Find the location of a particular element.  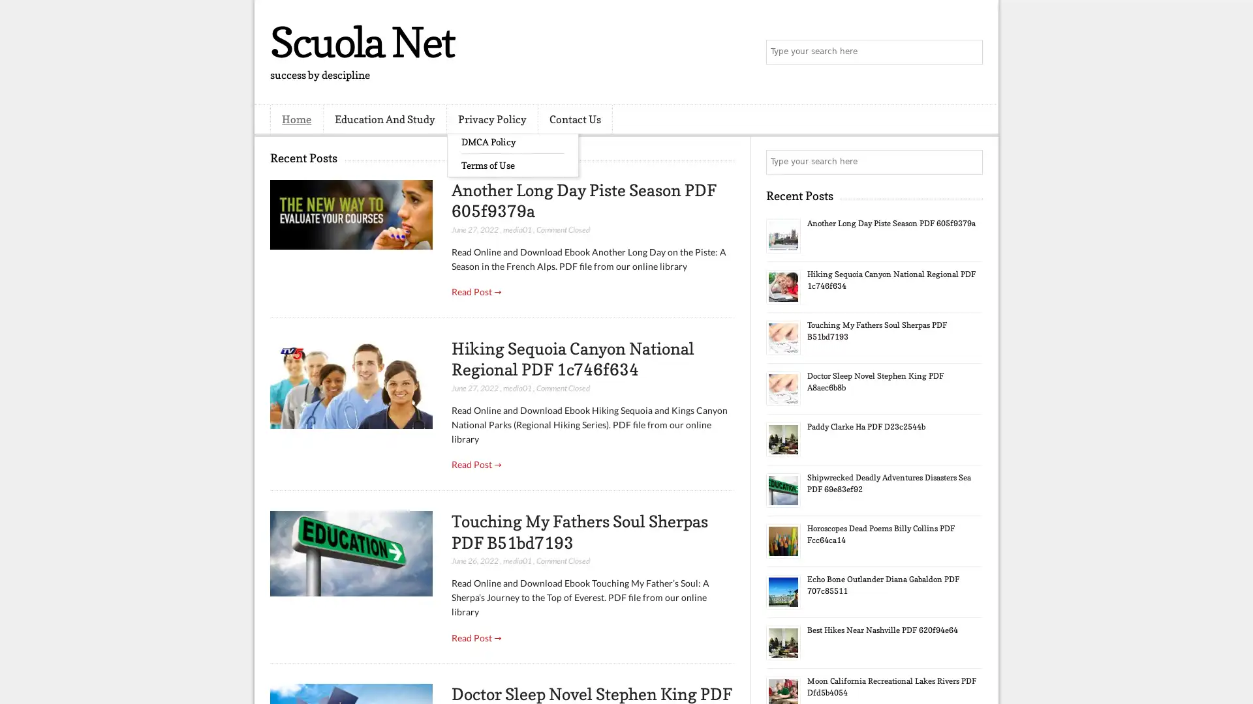

Search is located at coordinates (969, 162).